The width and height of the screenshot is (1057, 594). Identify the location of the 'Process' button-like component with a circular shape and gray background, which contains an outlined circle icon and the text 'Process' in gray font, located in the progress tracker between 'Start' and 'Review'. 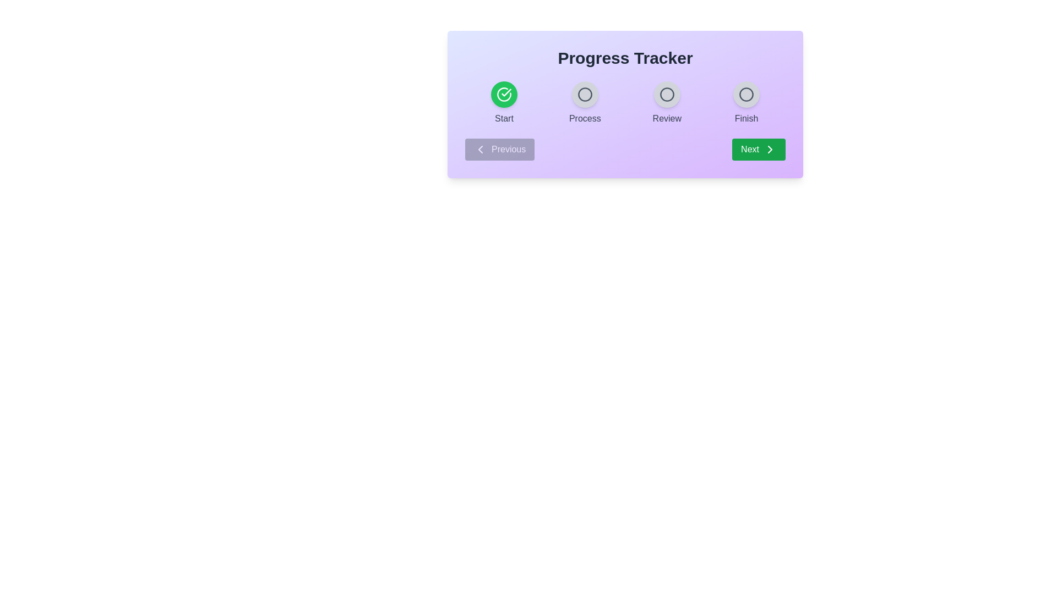
(584, 103).